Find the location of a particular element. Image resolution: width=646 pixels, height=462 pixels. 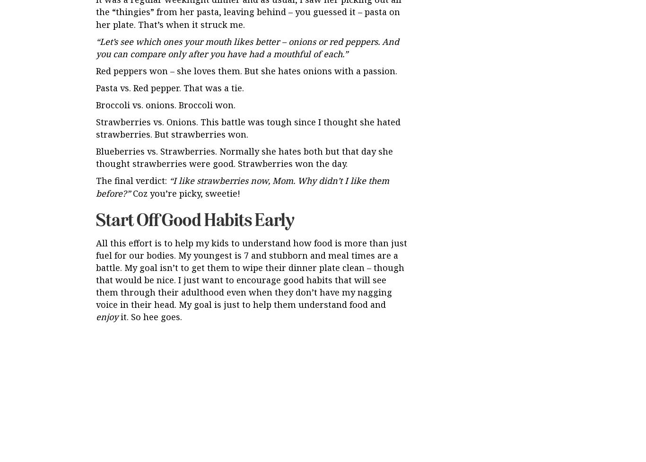

'All this effort is to help my kids to understand how food is more than just fuel for our bodies. My youngest is 7 and stubborn and meal times are a battle. My goal isn’t to get them to wipe their dinner plate clean – though that would be nice. I just want to encourage good habits that will see them through their adulthood even when they don’t have my nagging voice in their head. My goal is just to help them understand food and' is located at coordinates (252, 273).